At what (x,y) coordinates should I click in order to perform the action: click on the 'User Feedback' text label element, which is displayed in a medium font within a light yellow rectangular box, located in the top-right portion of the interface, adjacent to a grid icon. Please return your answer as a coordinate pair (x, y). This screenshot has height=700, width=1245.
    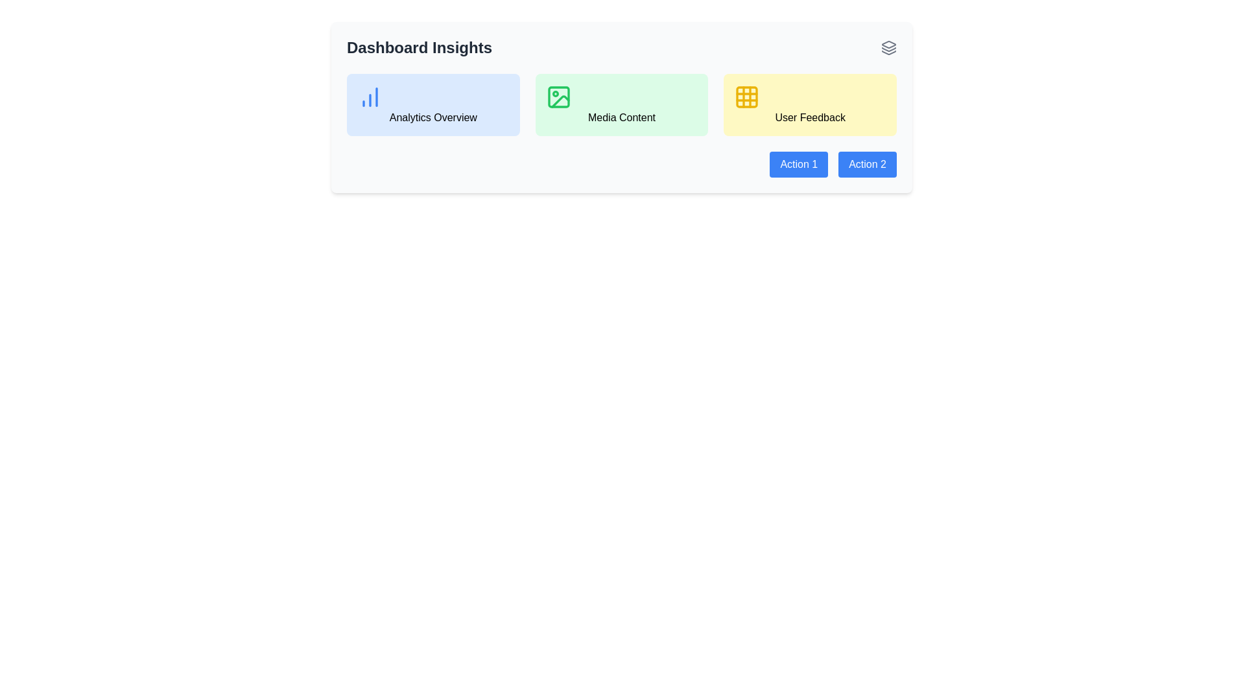
    Looking at the image, I should click on (809, 117).